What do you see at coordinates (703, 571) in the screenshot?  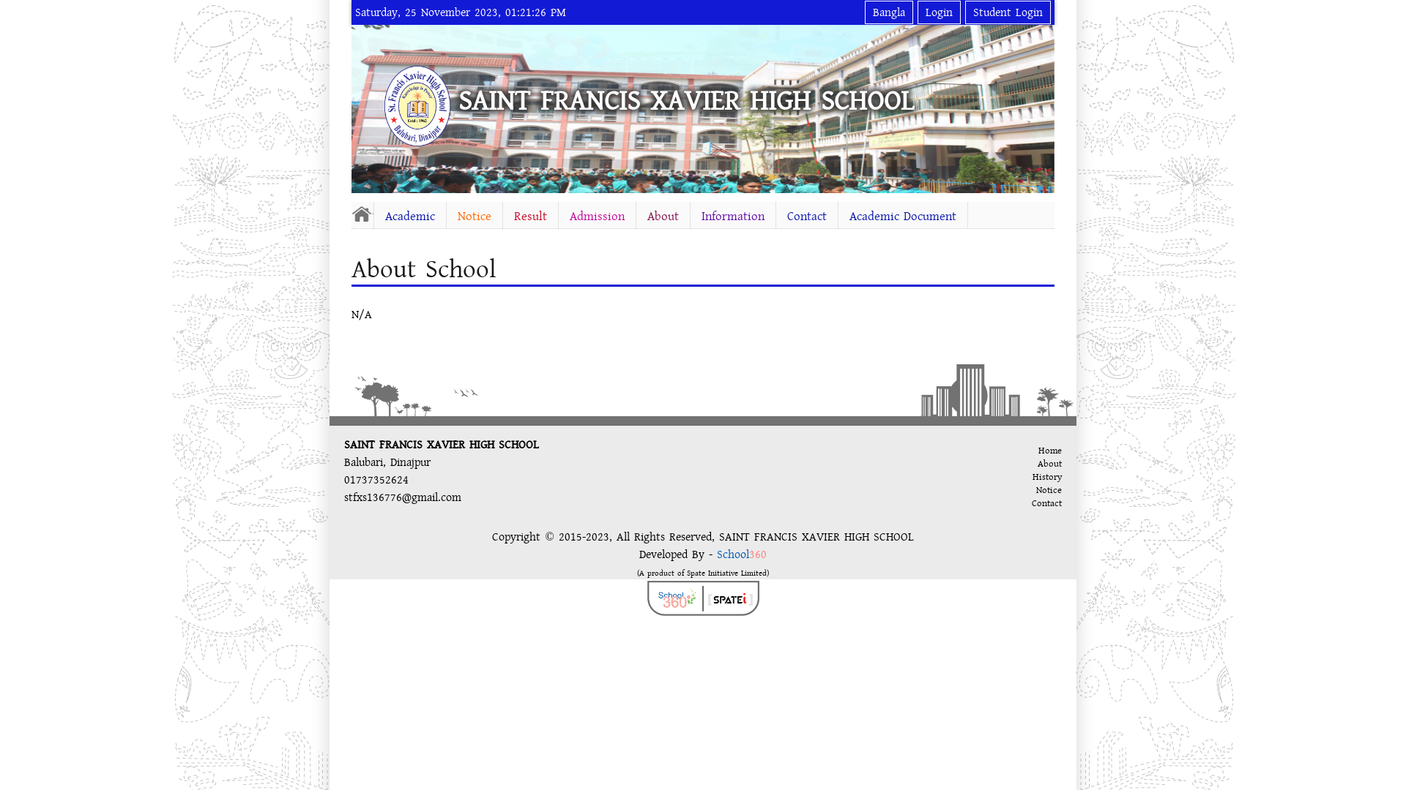 I see `'(A product of Spate Initiative Limited)'` at bounding box center [703, 571].